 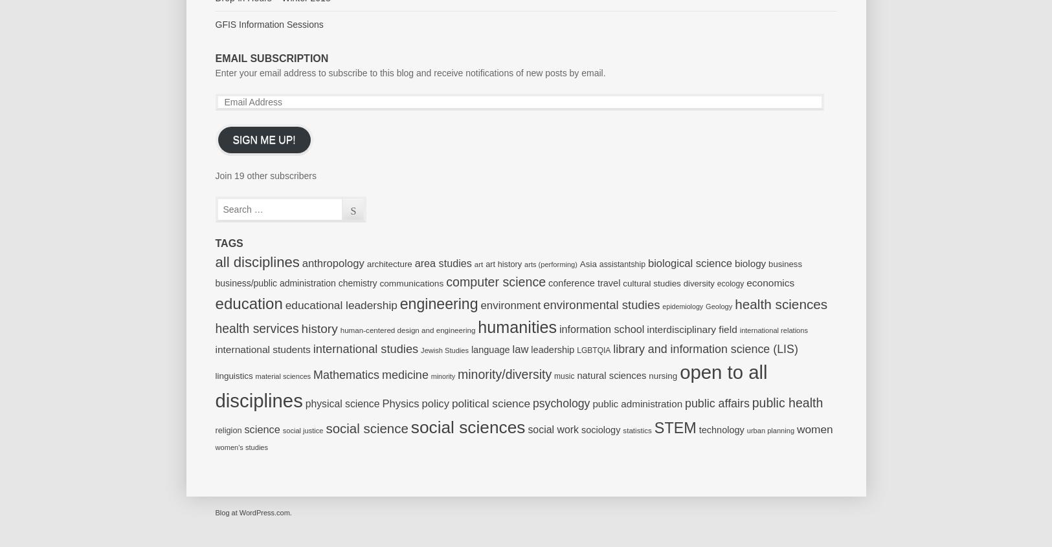 I want to click on 'religion', so click(x=227, y=429).